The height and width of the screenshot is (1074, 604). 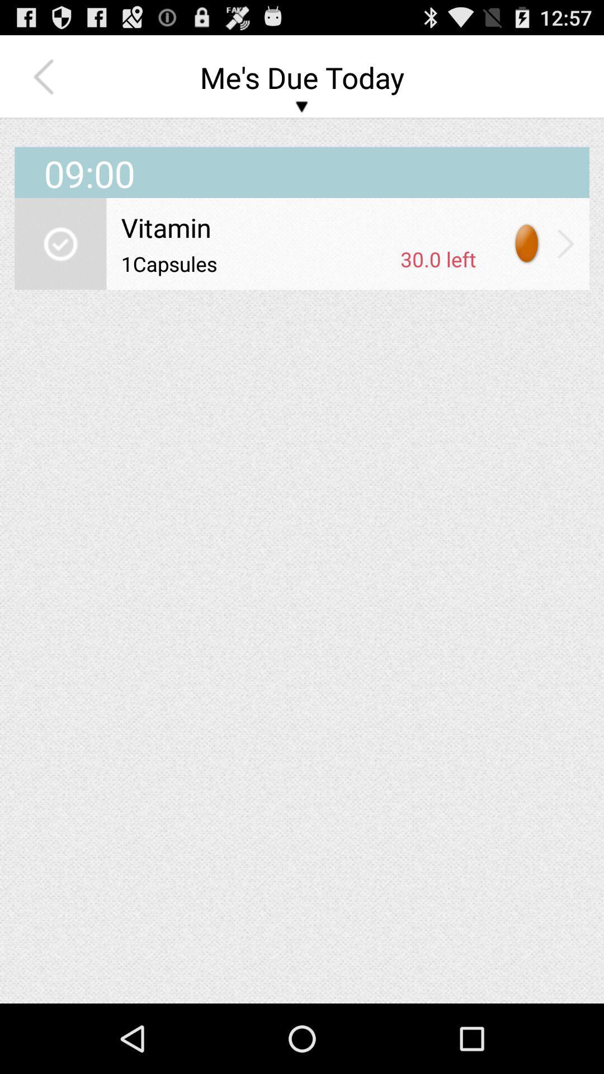 What do you see at coordinates (257, 263) in the screenshot?
I see `1capsules icon` at bounding box center [257, 263].